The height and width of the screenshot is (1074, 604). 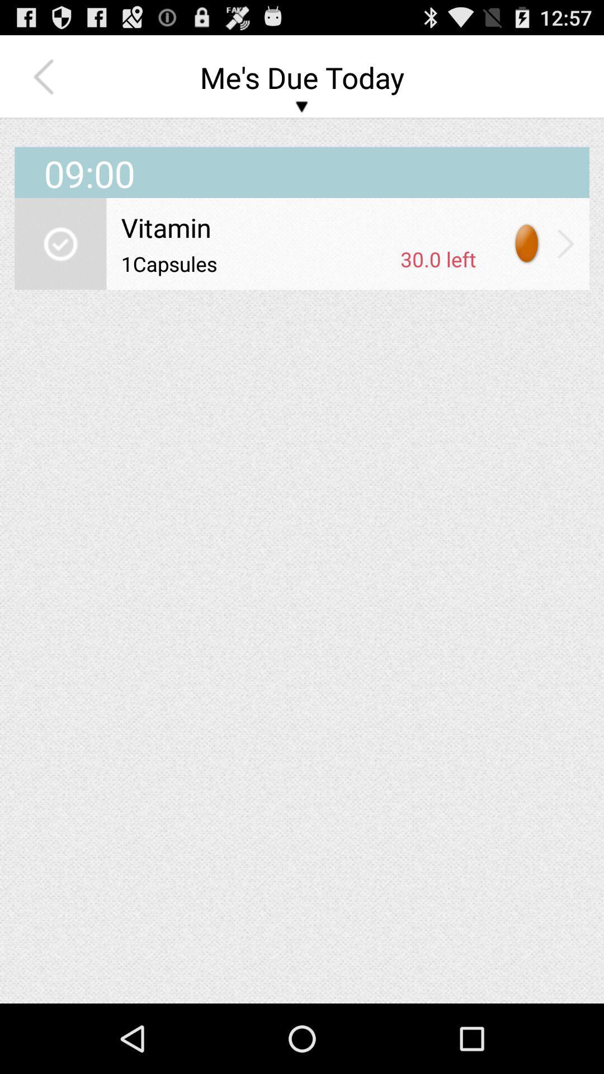 What do you see at coordinates (257, 263) in the screenshot?
I see `1capsules icon` at bounding box center [257, 263].